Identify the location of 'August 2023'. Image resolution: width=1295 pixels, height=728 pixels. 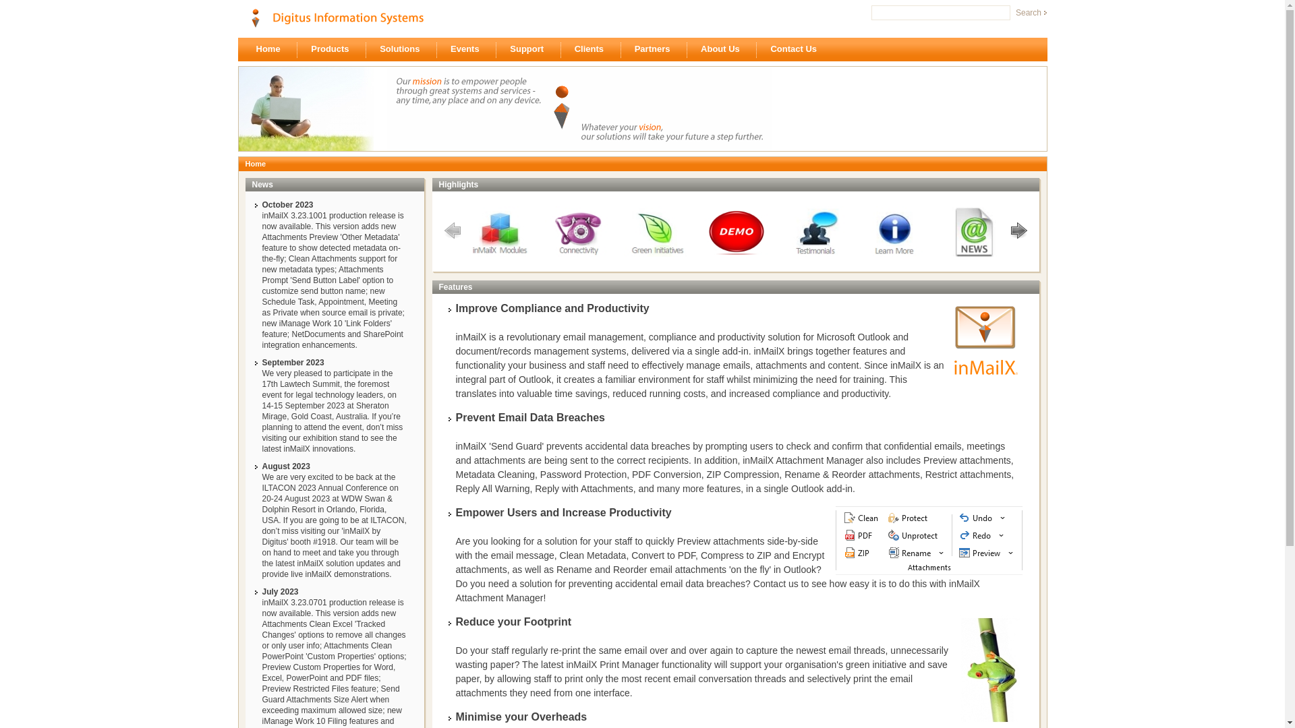
(285, 465).